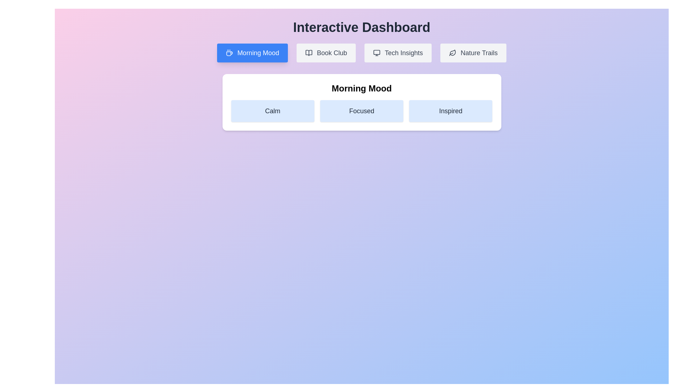 The height and width of the screenshot is (392, 697). What do you see at coordinates (309, 53) in the screenshot?
I see `the graphical icon resembling an open book, part of the 'Book Club' button in the navigation bar` at bounding box center [309, 53].